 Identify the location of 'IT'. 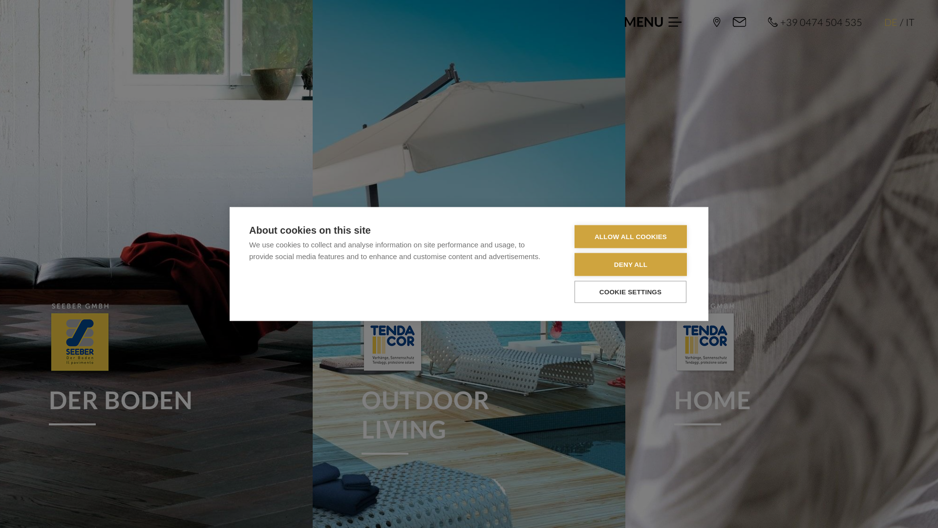
(905, 22).